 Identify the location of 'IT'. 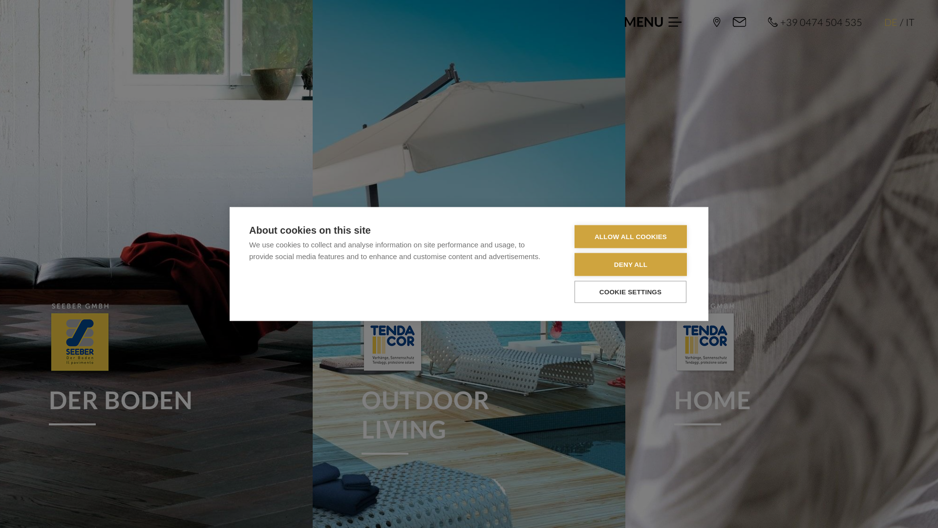
(905, 22).